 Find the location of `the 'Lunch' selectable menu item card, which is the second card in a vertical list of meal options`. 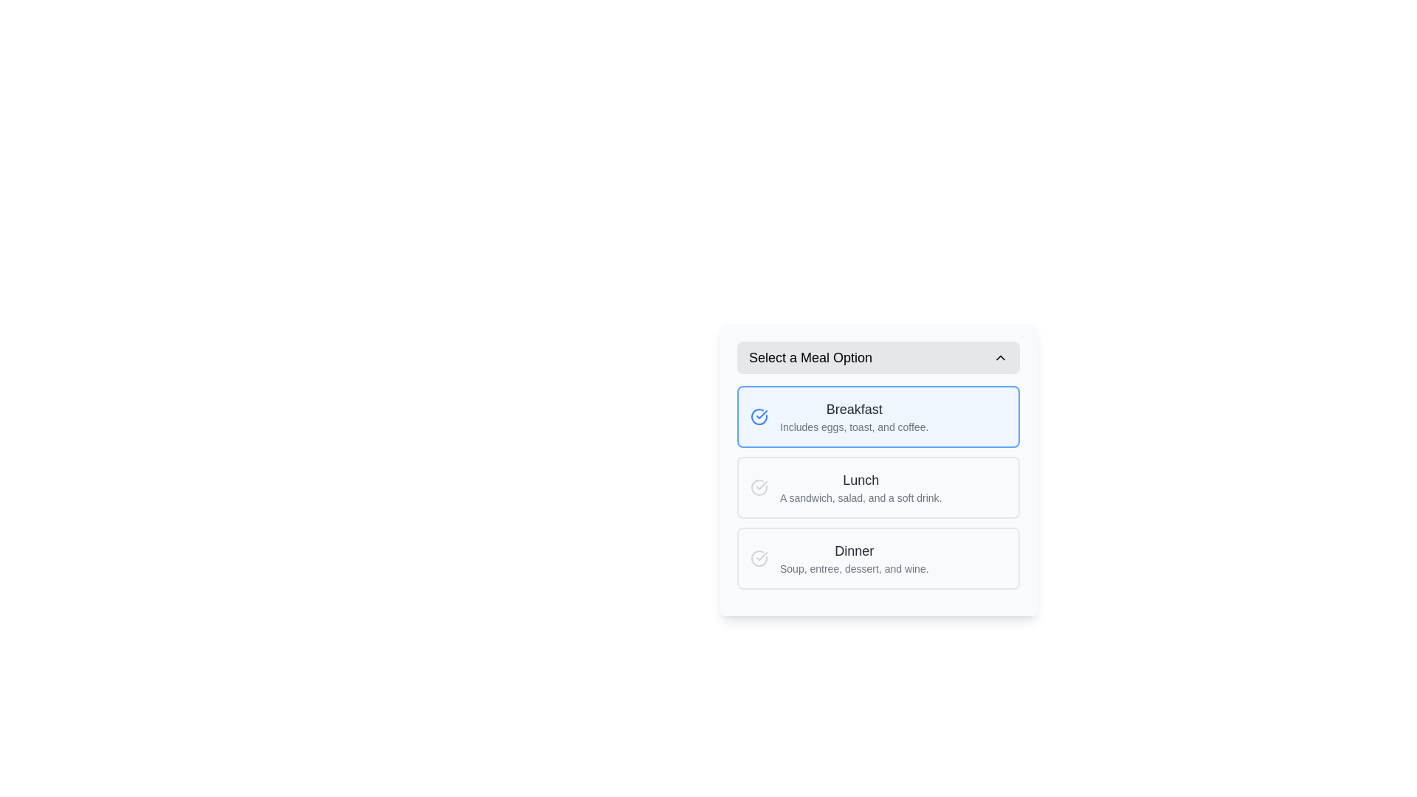

the 'Lunch' selectable menu item card, which is the second card in a vertical list of meal options is located at coordinates (878, 469).